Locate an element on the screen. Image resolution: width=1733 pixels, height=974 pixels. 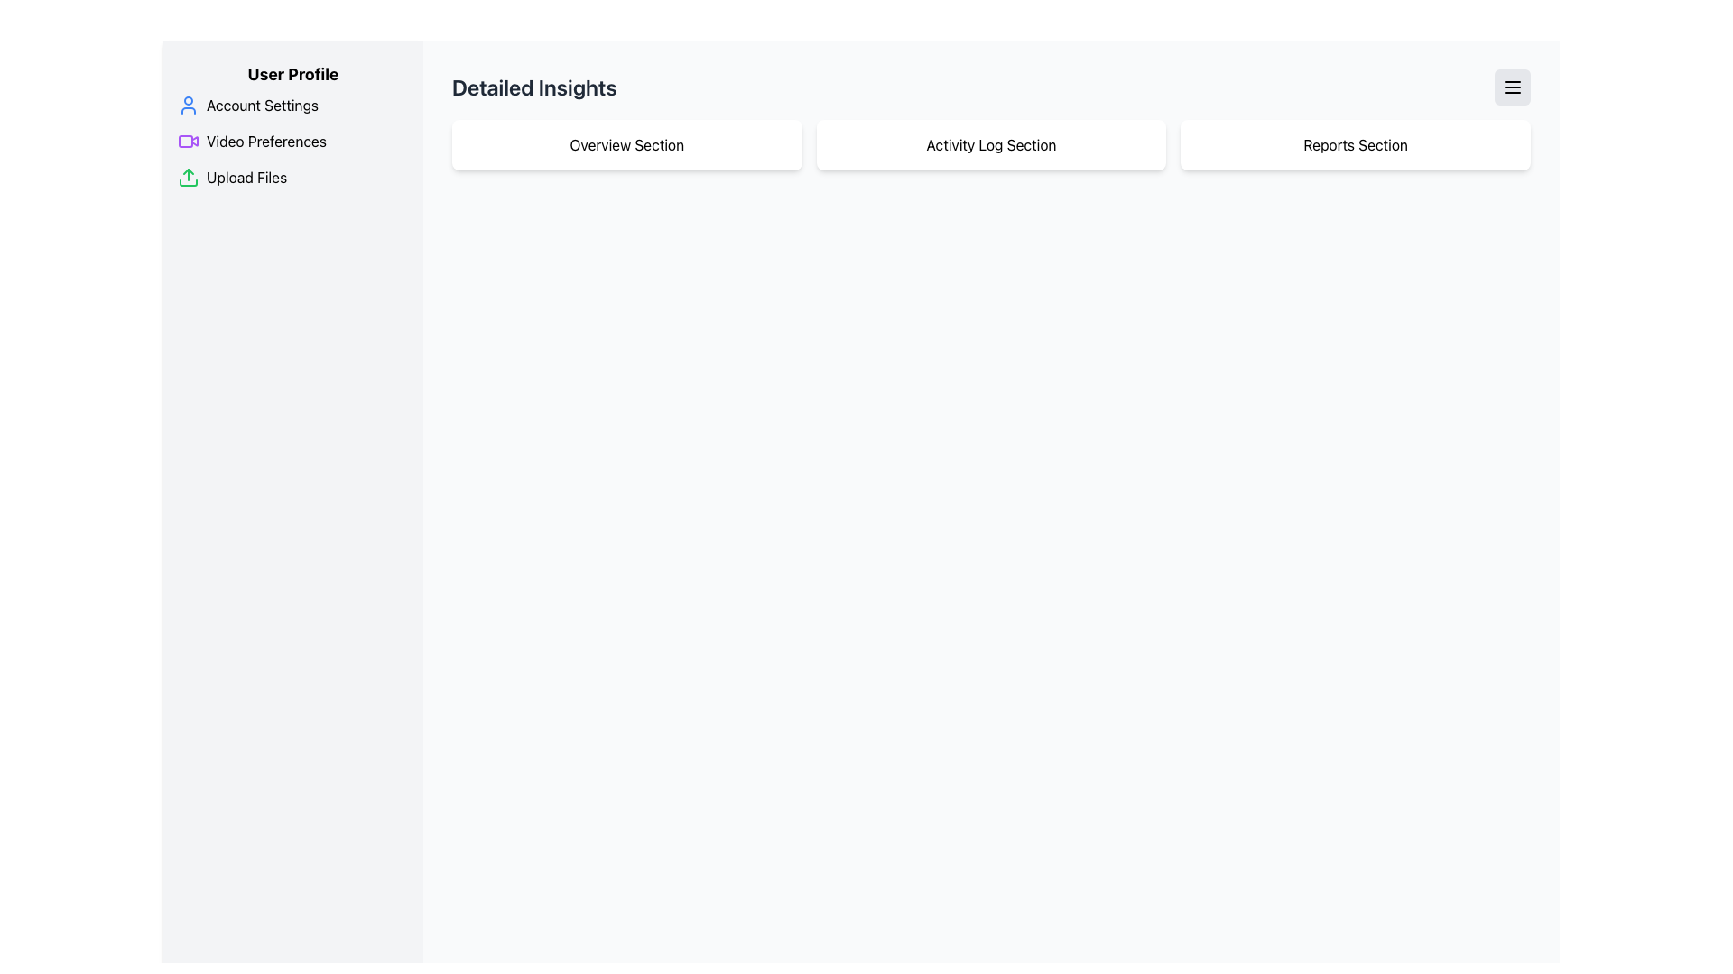
the interactive menu button located in the top-right corner of the 'Detailed Insights' section is located at coordinates (1512, 87).